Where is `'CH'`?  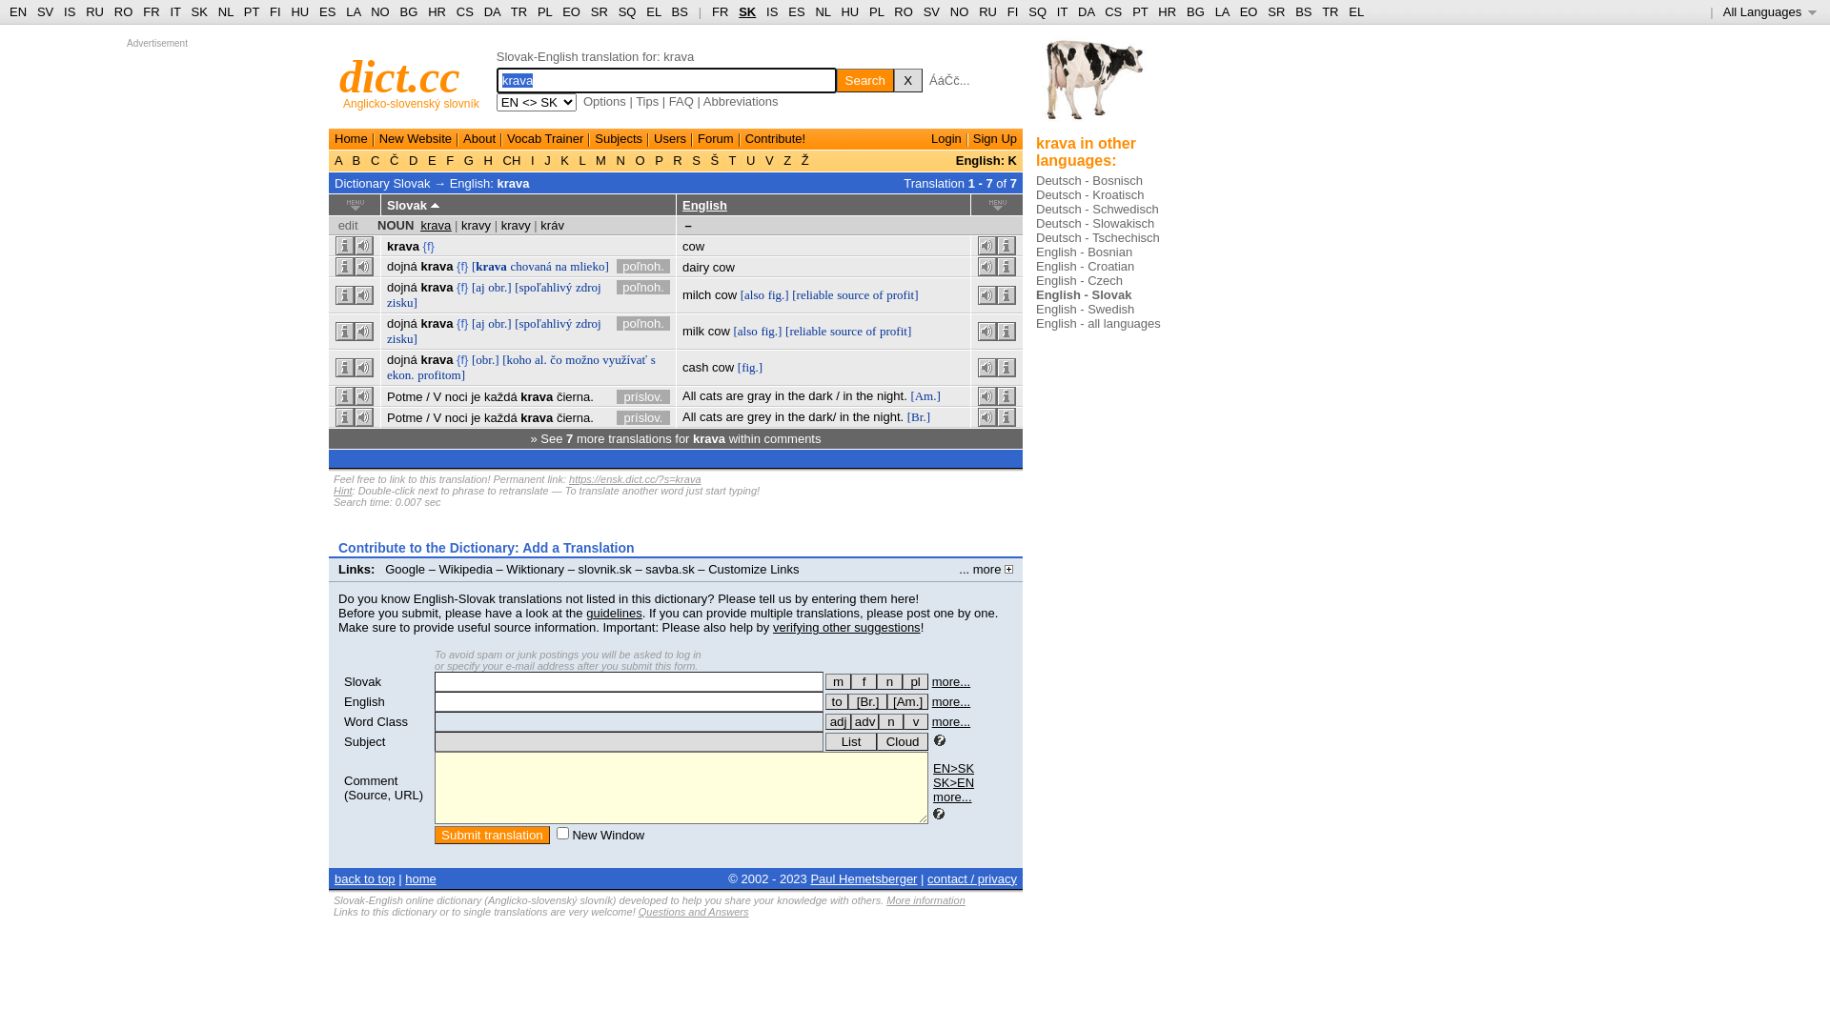
'CH' is located at coordinates (512, 159).